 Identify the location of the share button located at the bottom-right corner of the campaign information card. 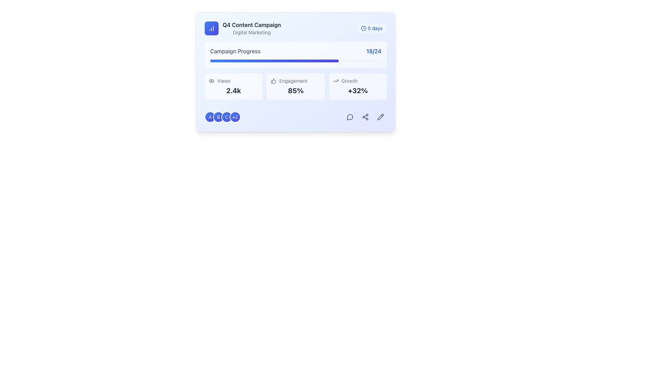
(365, 117).